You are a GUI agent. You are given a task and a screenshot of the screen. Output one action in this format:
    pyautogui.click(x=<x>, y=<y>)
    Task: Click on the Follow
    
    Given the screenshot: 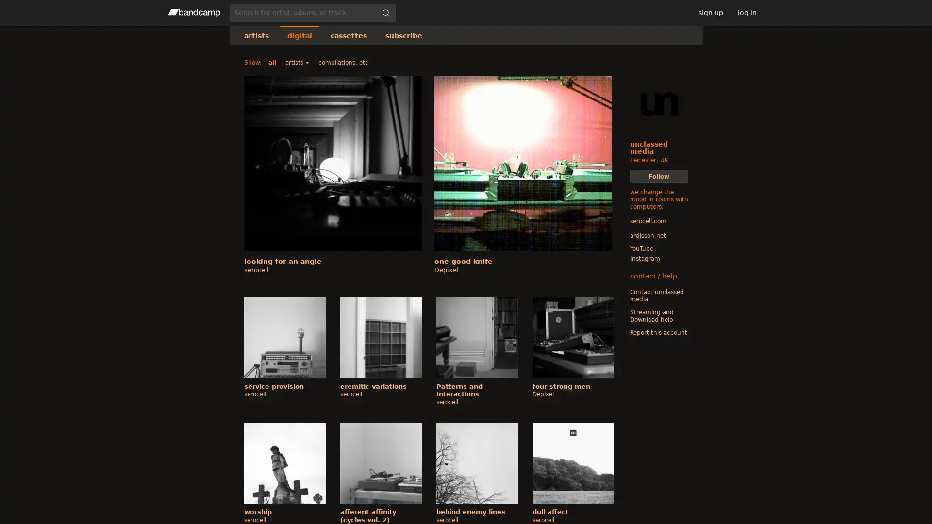 What is the action you would take?
    pyautogui.click(x=659, y=176)
    